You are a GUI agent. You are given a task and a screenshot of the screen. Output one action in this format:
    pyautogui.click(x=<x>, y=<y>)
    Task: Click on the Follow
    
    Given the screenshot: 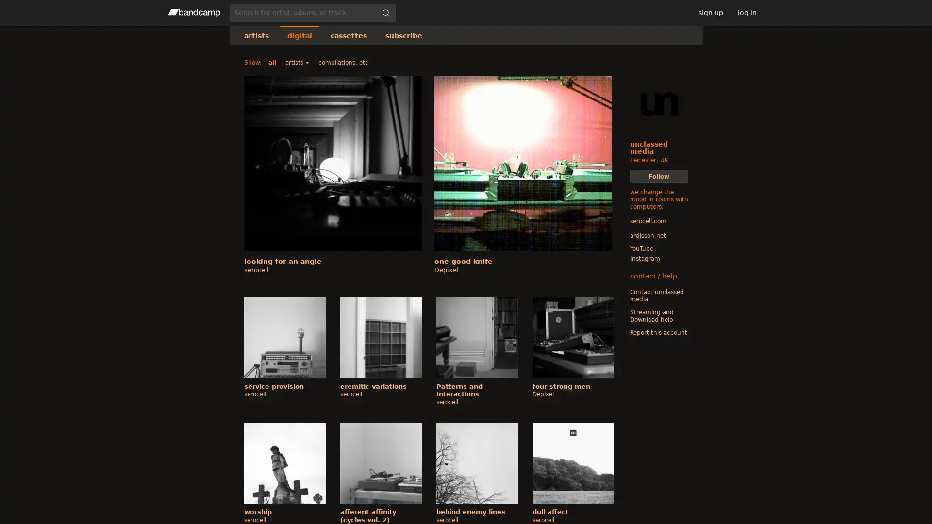 What is the action you would take?
    pyautogui.click(x=659, y=176)
    